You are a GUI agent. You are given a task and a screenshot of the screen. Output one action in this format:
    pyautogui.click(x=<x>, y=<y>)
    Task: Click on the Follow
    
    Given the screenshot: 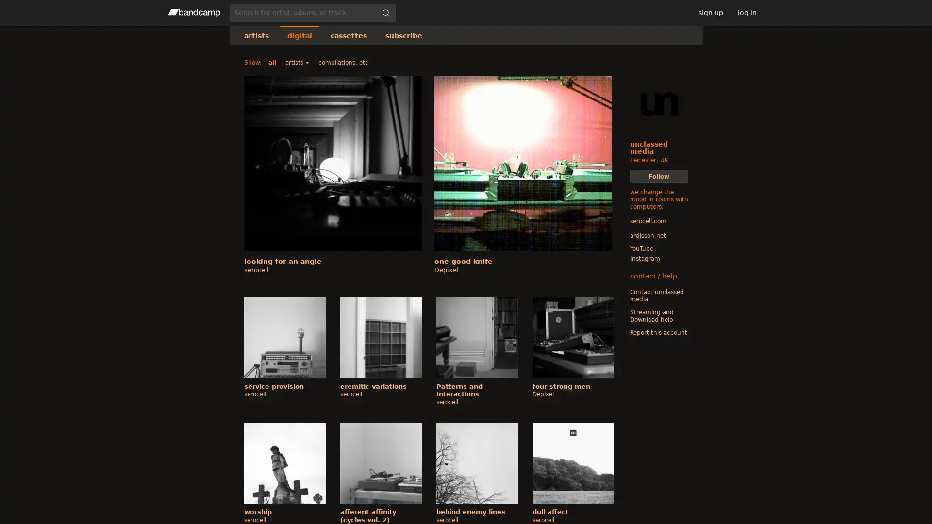 What is the action you would take?
    pyautogui.click(x=659, y=176)
    